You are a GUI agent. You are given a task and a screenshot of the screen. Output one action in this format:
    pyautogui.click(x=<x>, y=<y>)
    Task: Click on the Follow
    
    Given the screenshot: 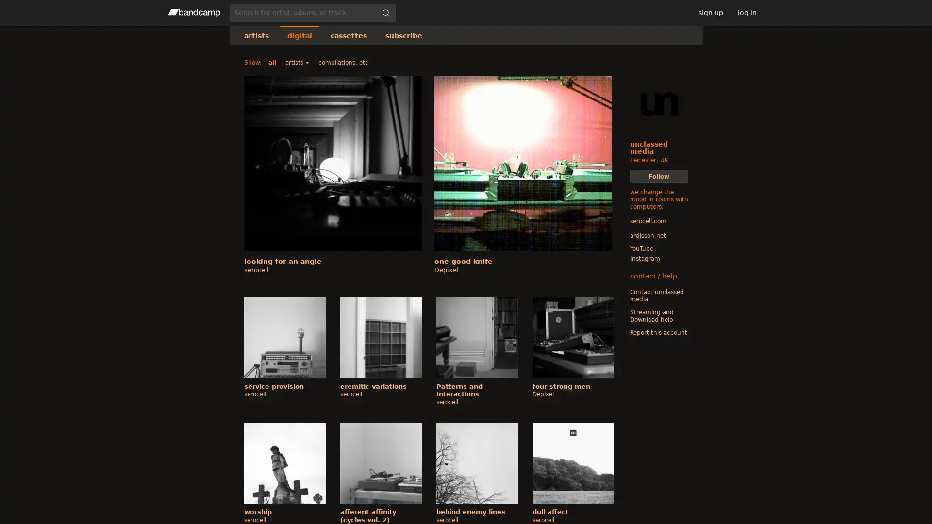 What is the action you would take?
    pyautogui.click(x=659, y=176)
    